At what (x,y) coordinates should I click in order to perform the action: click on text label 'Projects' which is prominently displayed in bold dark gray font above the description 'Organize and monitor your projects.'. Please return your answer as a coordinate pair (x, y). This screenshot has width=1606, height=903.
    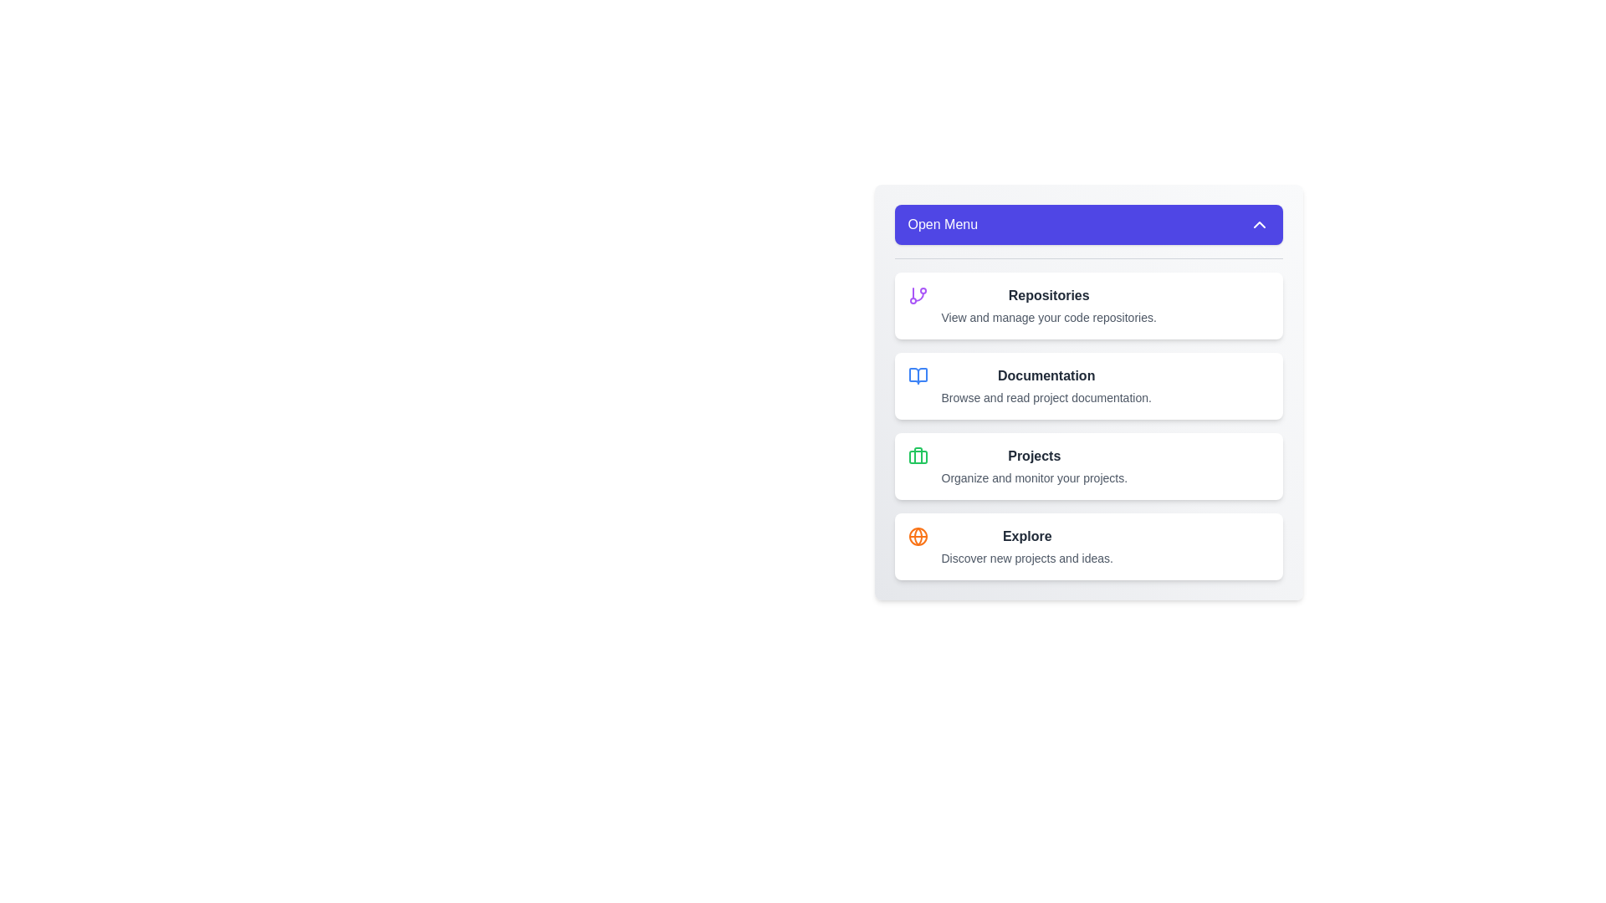
    Looking at the image, I should click on (1033, 457).